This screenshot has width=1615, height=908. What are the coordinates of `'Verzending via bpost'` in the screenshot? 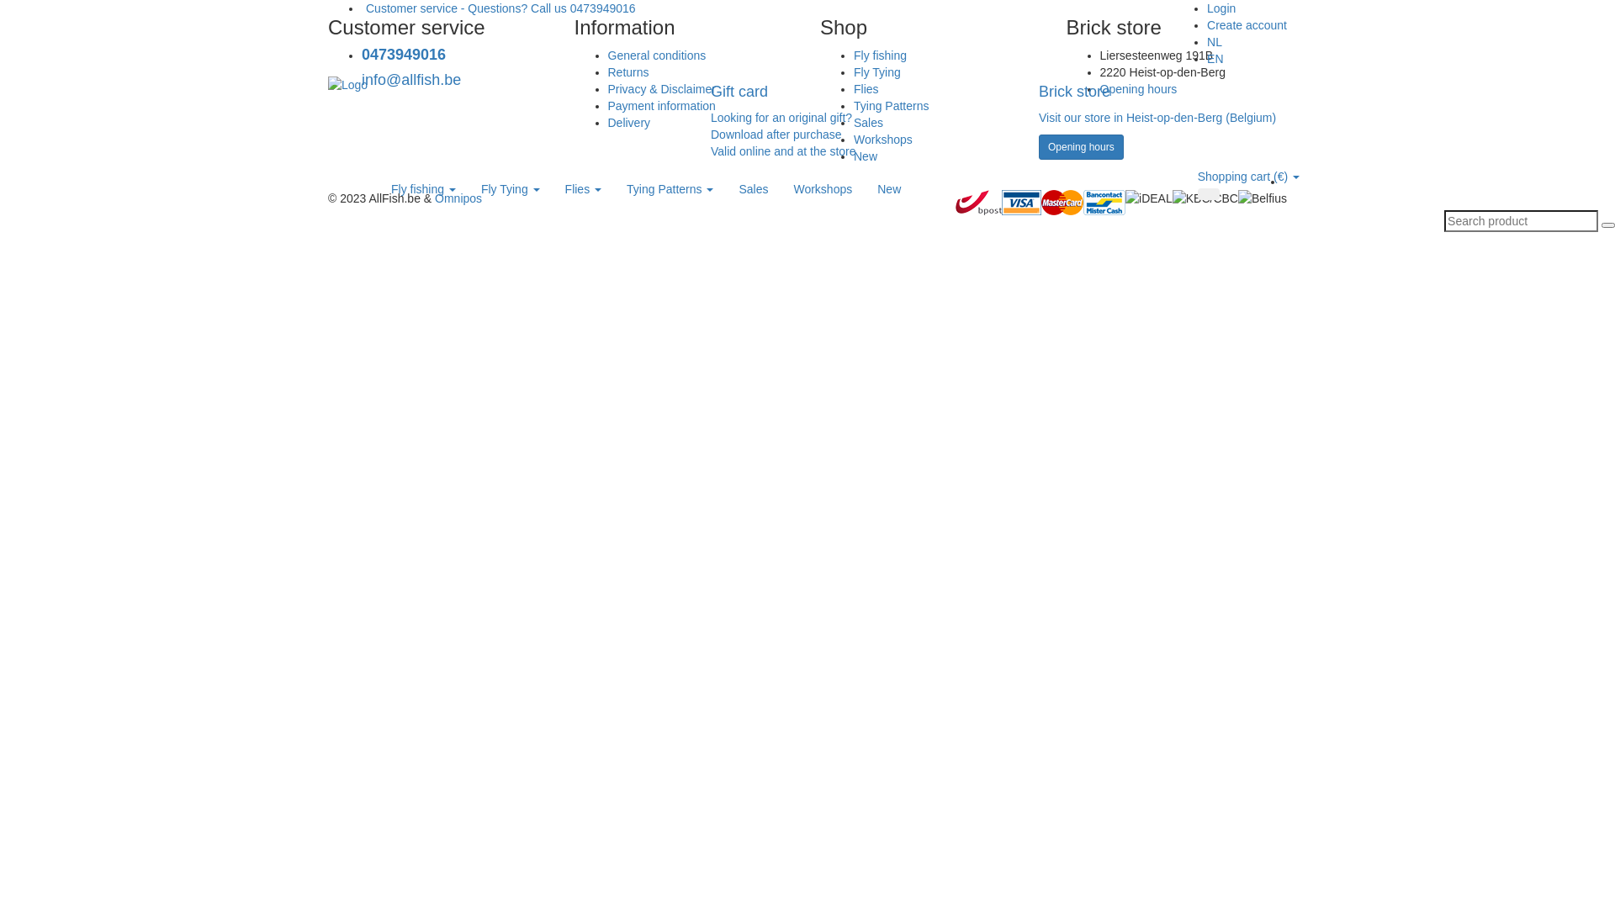 It's located at (978, 201).